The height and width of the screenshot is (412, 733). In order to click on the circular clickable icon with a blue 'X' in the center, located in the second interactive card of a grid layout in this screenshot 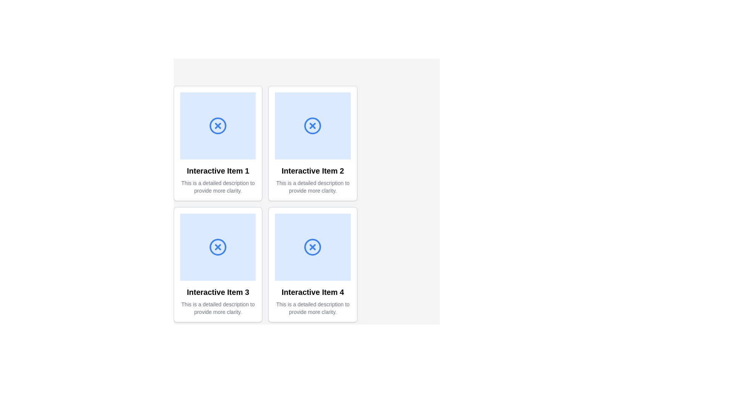, I will do `click(313, 126)`.